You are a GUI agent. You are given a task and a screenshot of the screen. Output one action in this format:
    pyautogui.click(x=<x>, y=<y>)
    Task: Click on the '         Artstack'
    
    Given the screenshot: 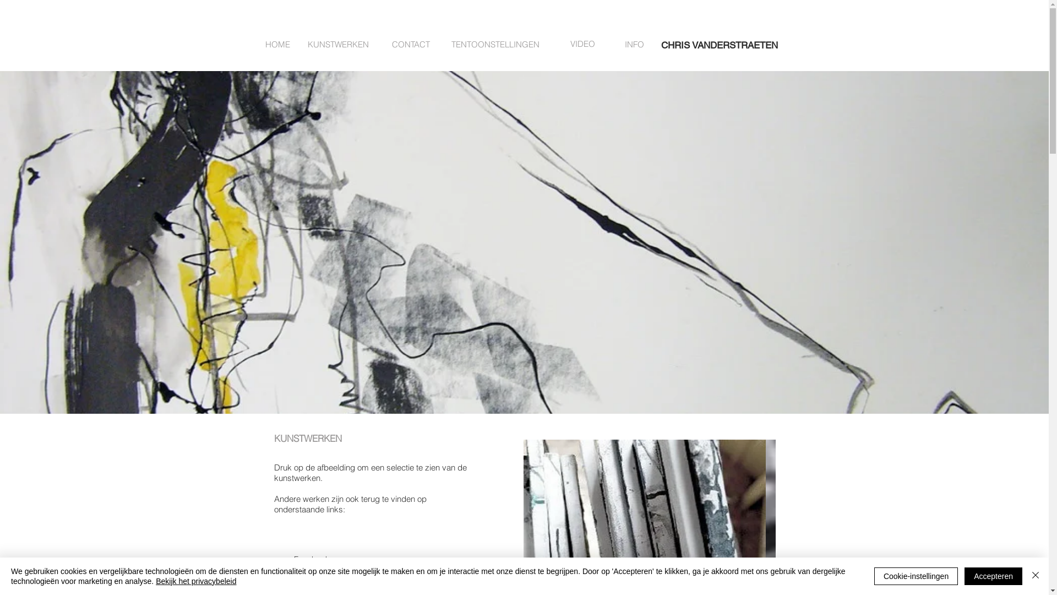 What is the action you would take?
    pyautogui.click(x=298, y=578)
    